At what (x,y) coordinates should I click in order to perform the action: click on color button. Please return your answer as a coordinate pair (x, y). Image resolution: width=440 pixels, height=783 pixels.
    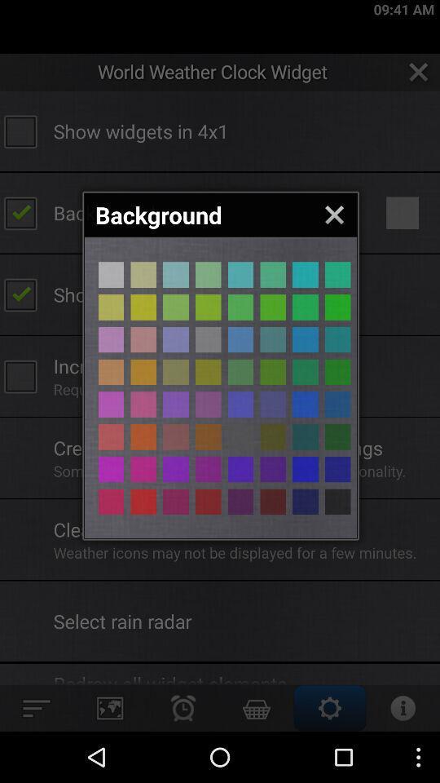
    Looking at the image, I should click on (175, 404).